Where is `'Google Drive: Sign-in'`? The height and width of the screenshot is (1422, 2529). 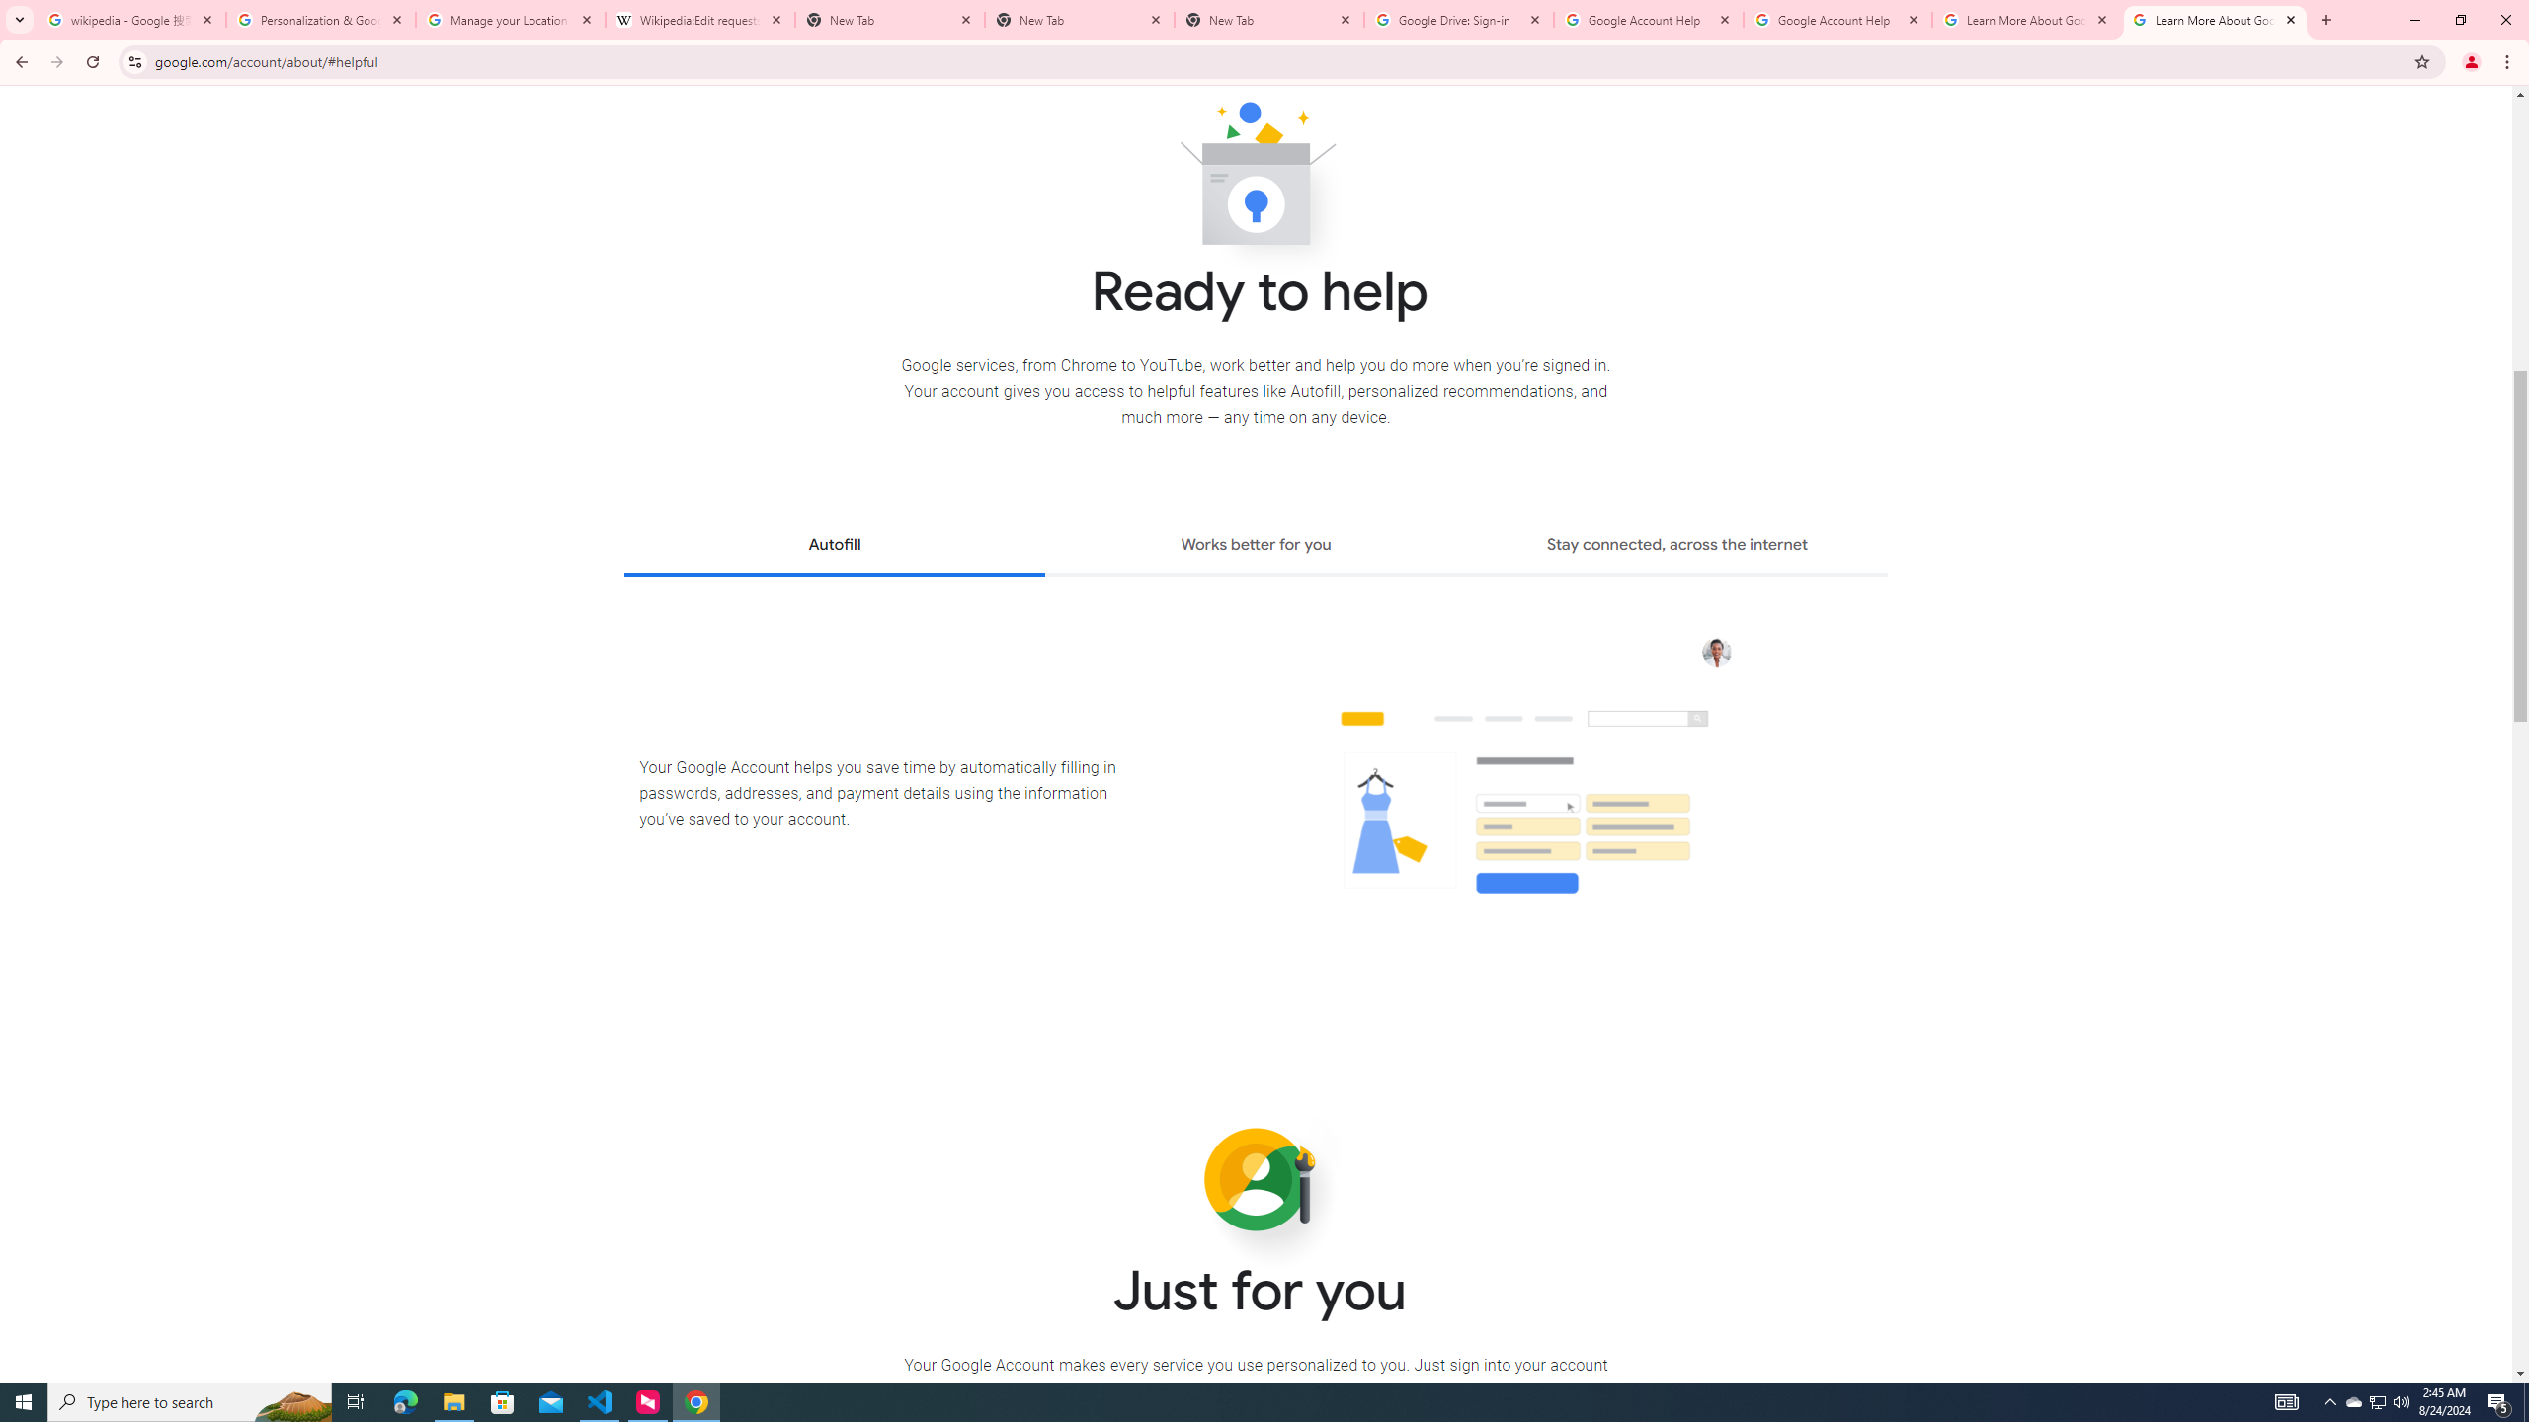 'Google Drive: Sign-in' is located at coordinates (1458, 19).